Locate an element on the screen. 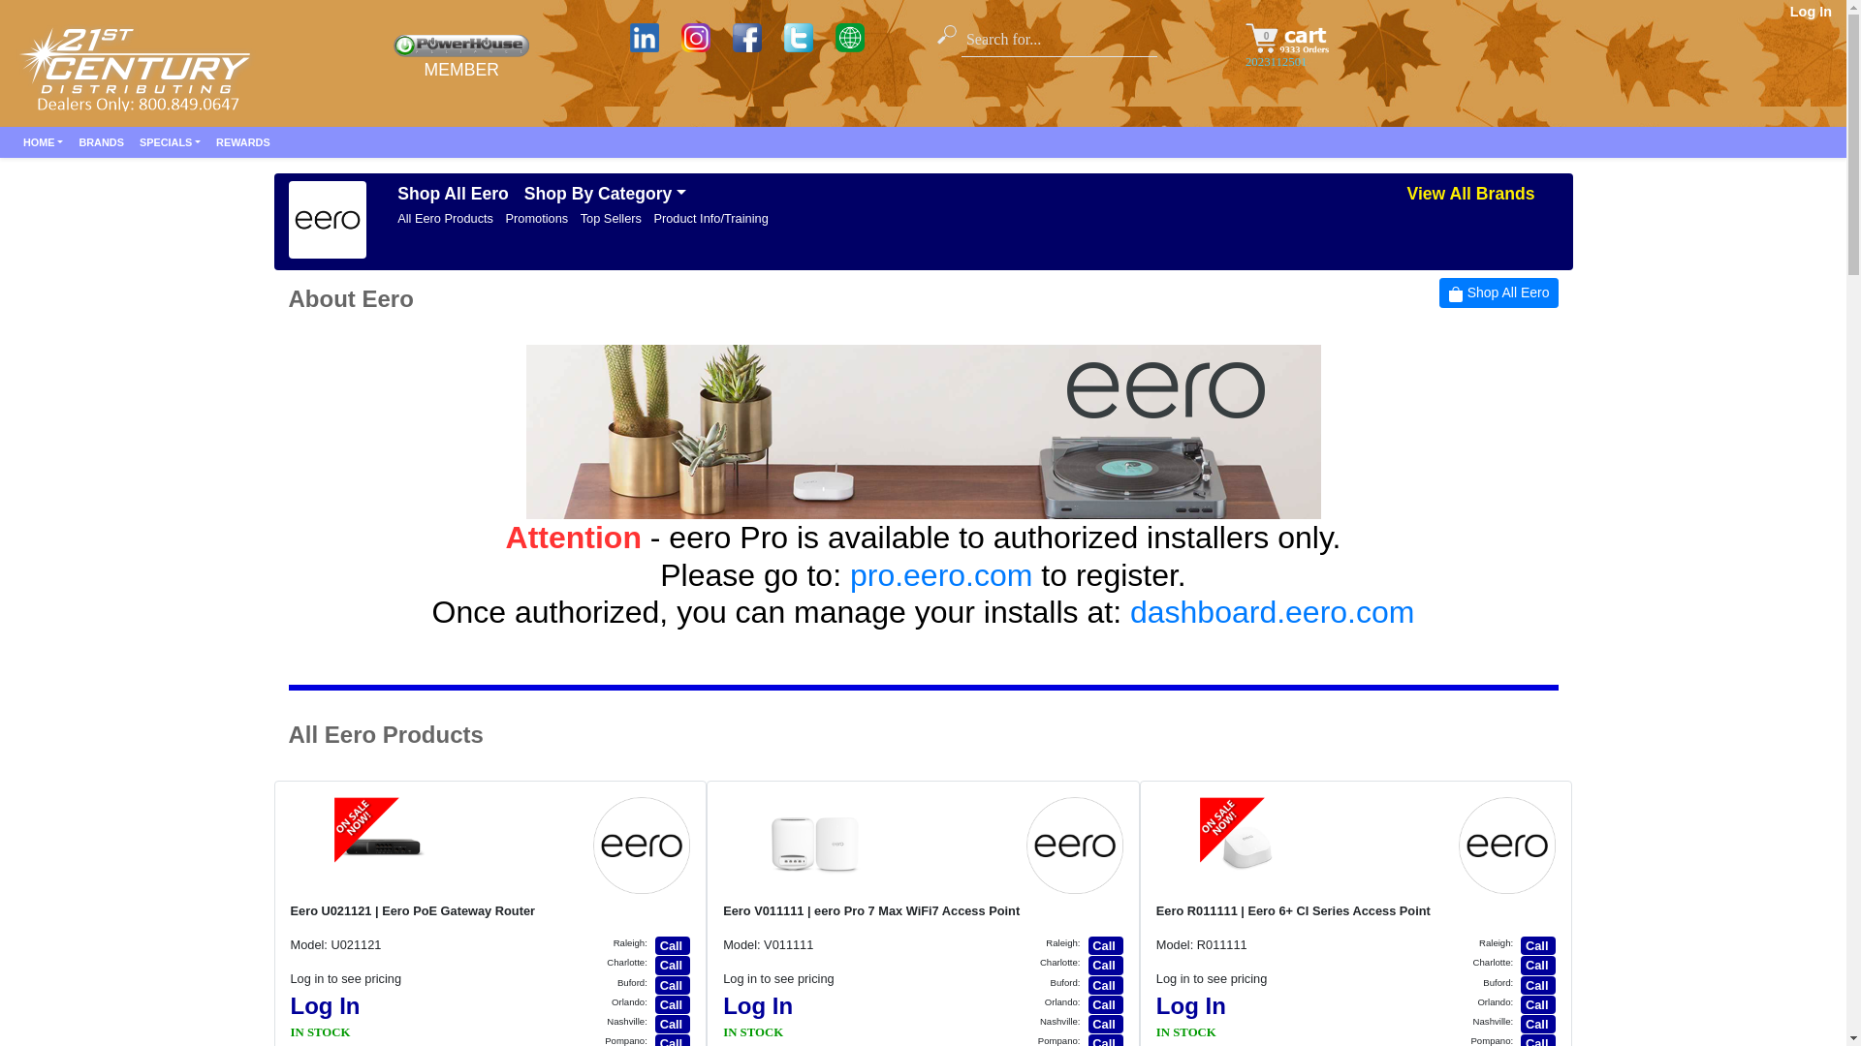  'Promotions' is located at coordinates (536, 218).